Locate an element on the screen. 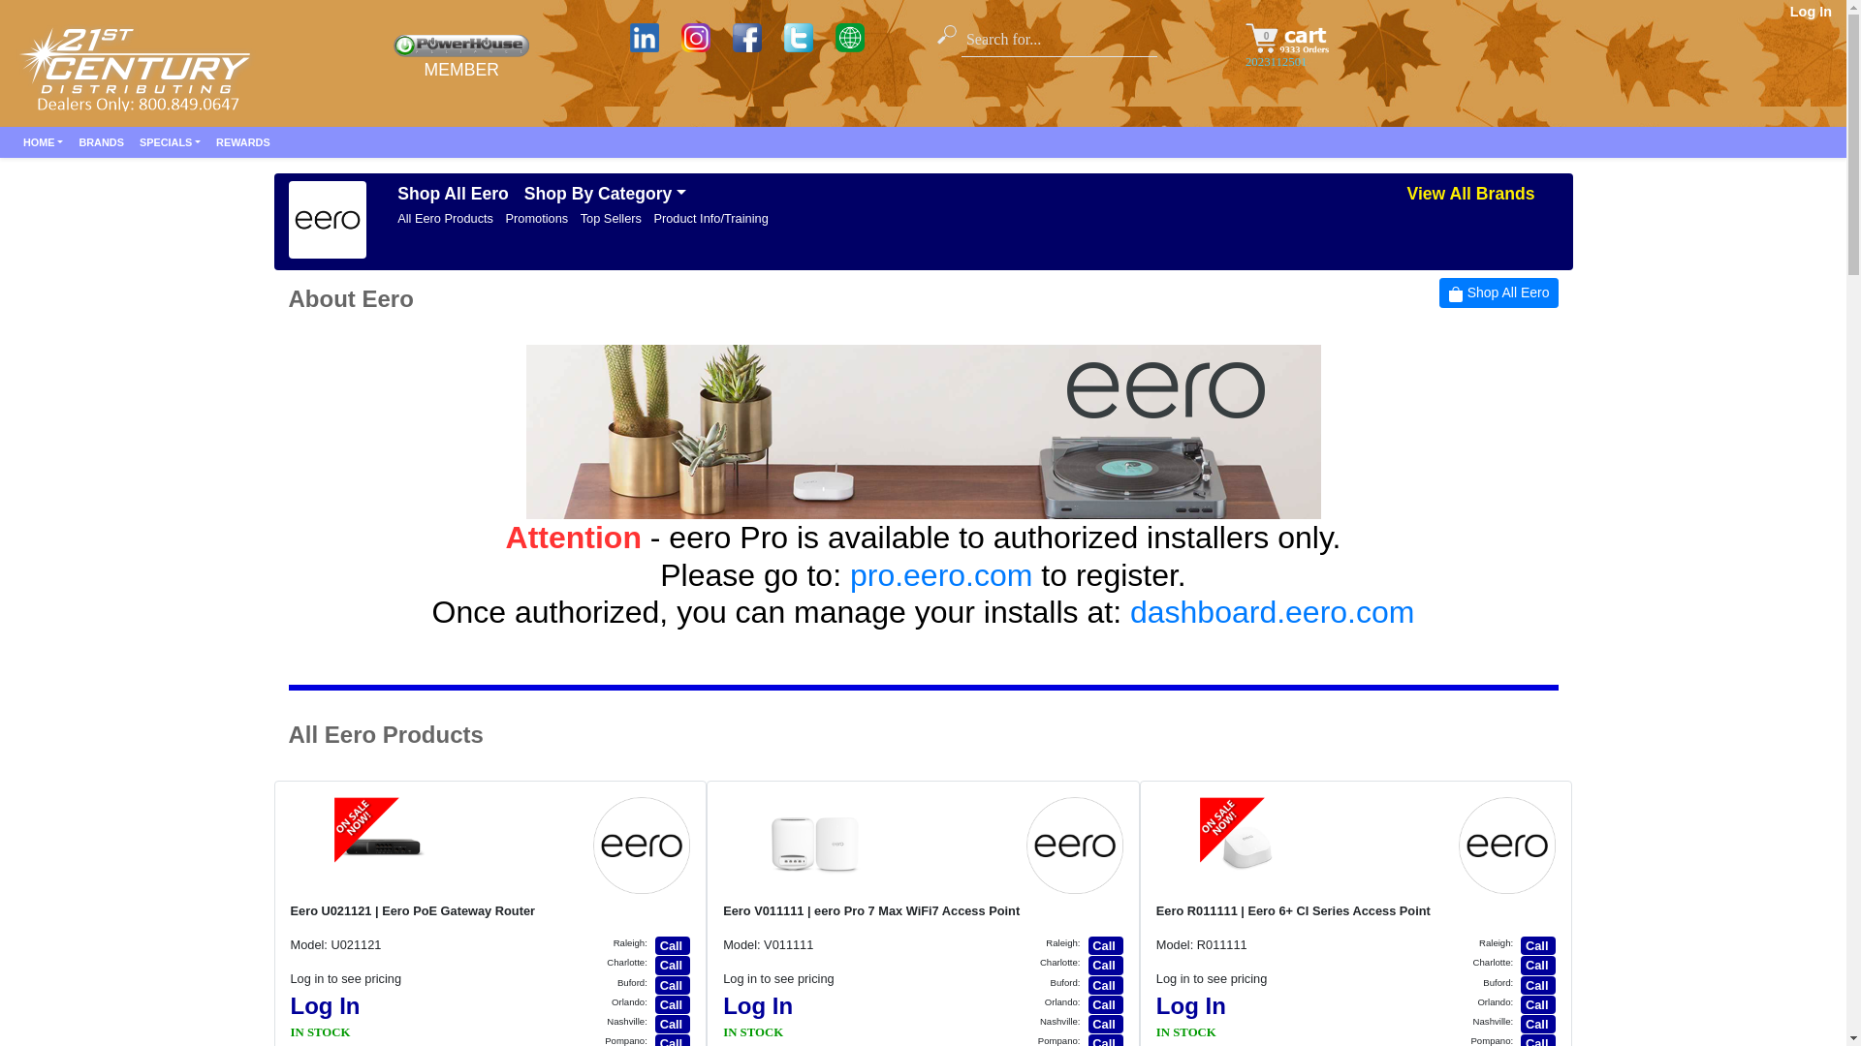  'Promotions' is located at coordinates (536, 218).